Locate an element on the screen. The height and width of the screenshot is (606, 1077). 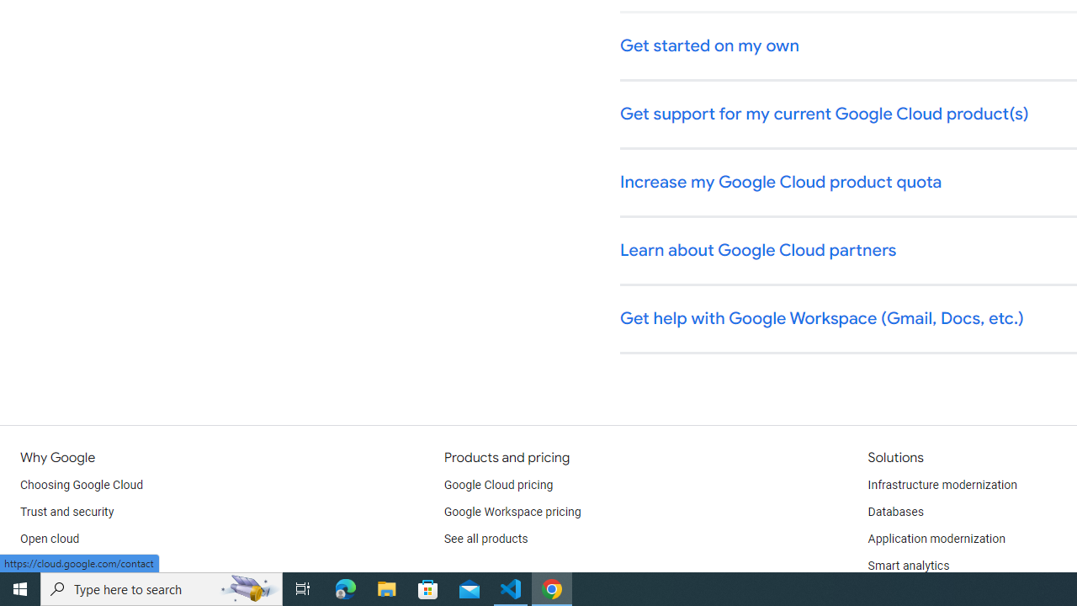
'Application modernization' is located at coordinates (935, 539).